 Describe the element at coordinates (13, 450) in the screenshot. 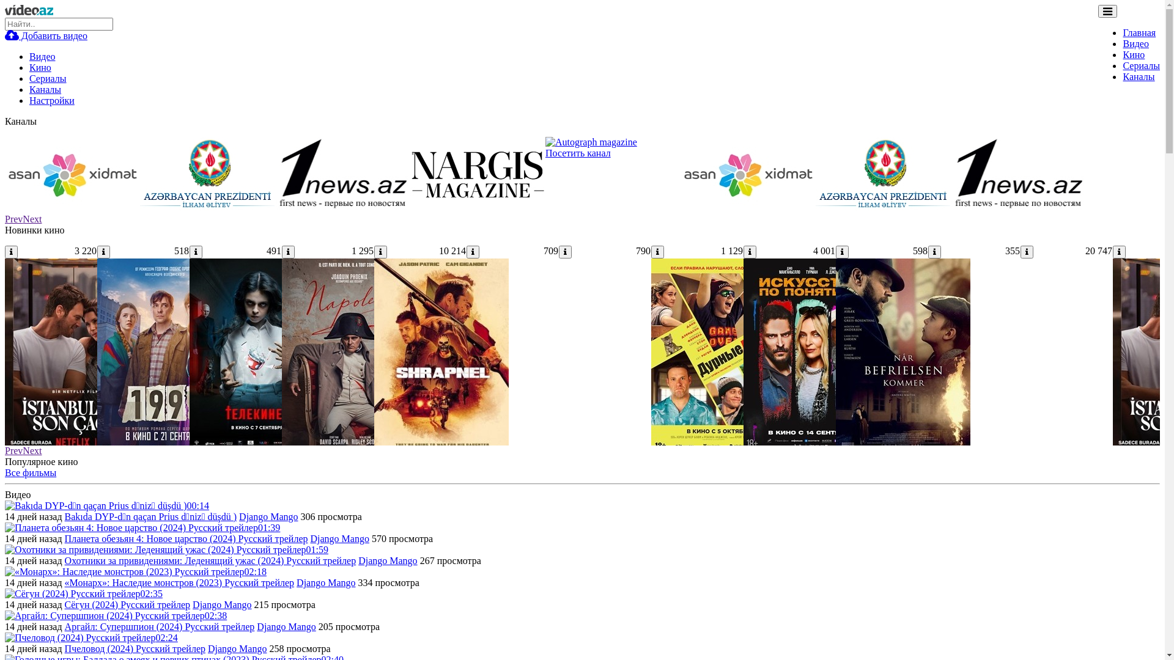

I see `'Prev'` at that location.